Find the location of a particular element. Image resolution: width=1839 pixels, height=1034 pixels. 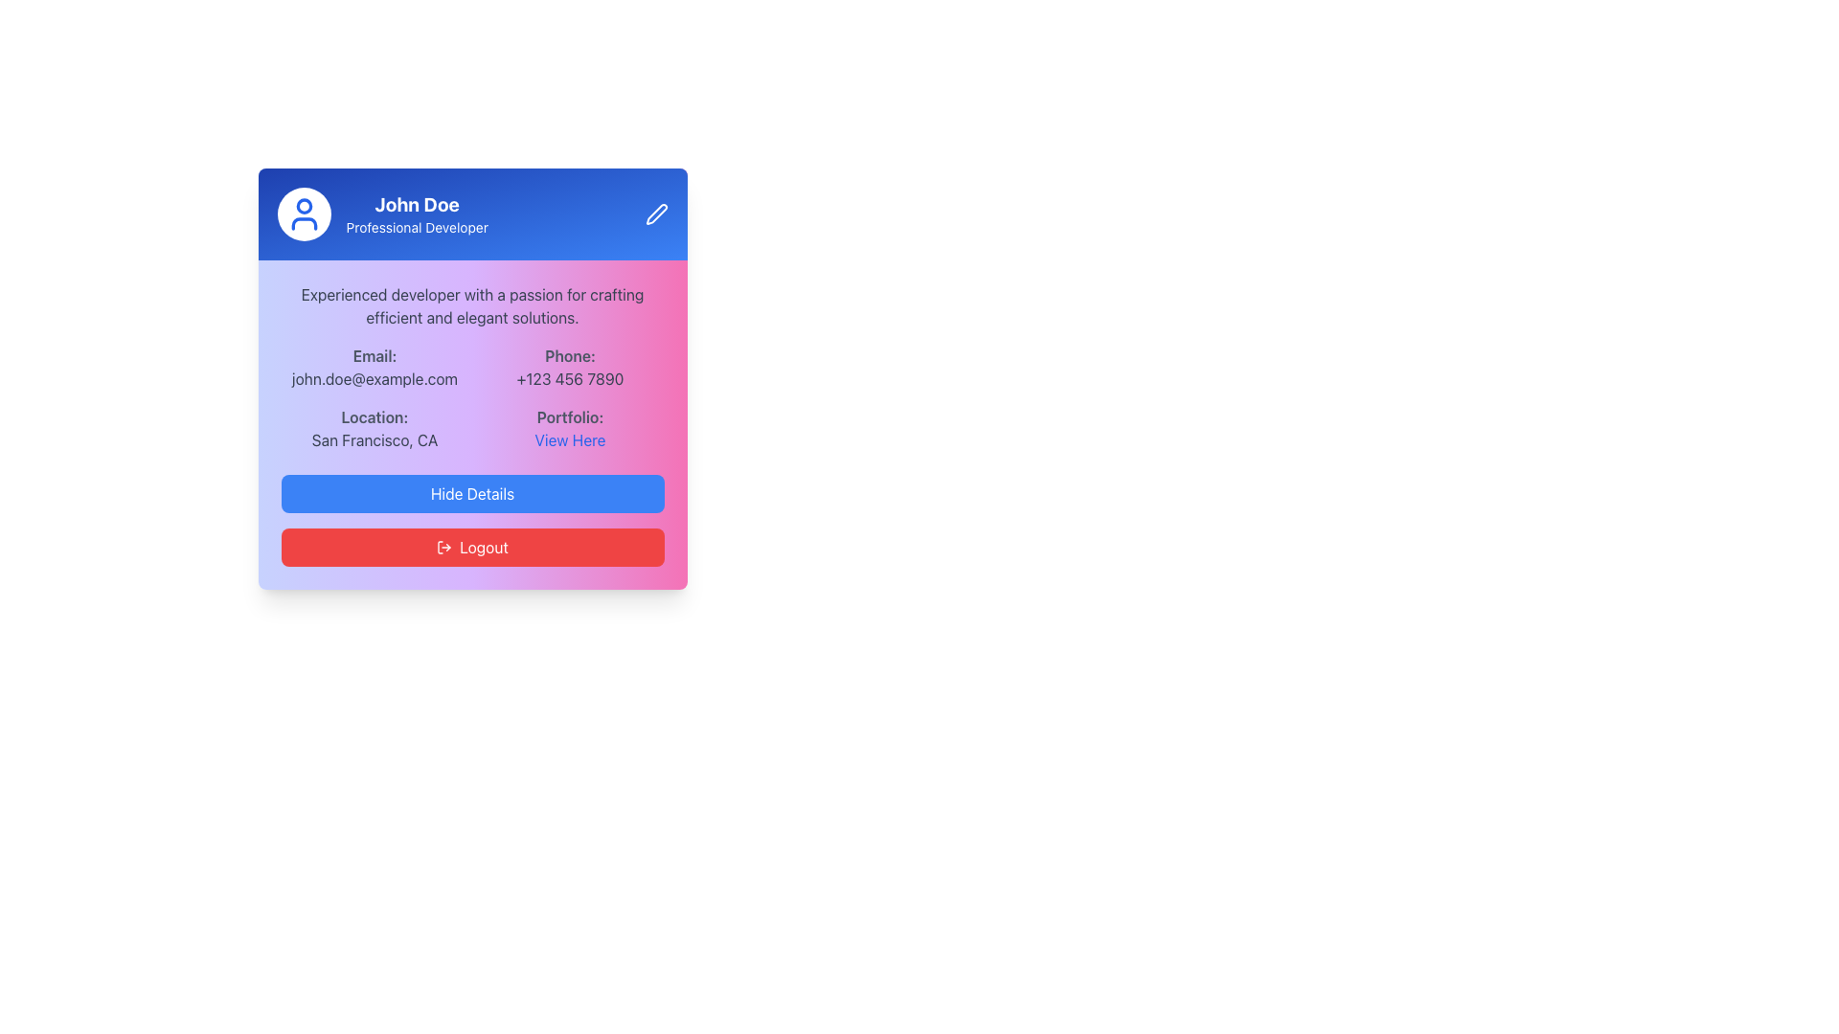

the 'Logout' button that displays white text on a red background, located at the bottom of the user information card is located at coordinates (484, 547).